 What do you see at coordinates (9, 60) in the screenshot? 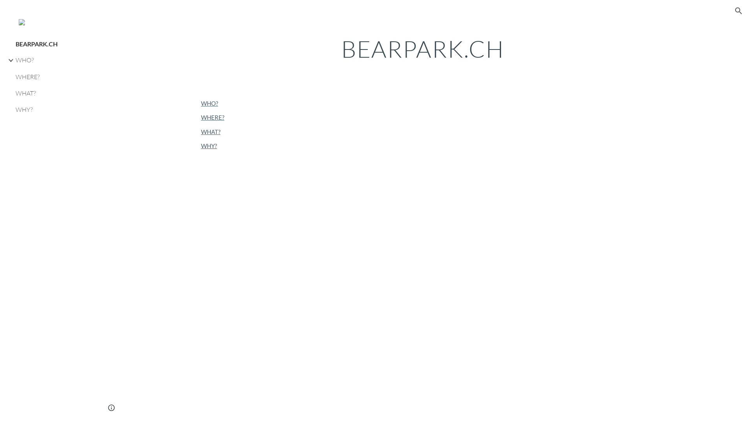
I see `'Expand/Collapse'` at bounding box center [9, 60].